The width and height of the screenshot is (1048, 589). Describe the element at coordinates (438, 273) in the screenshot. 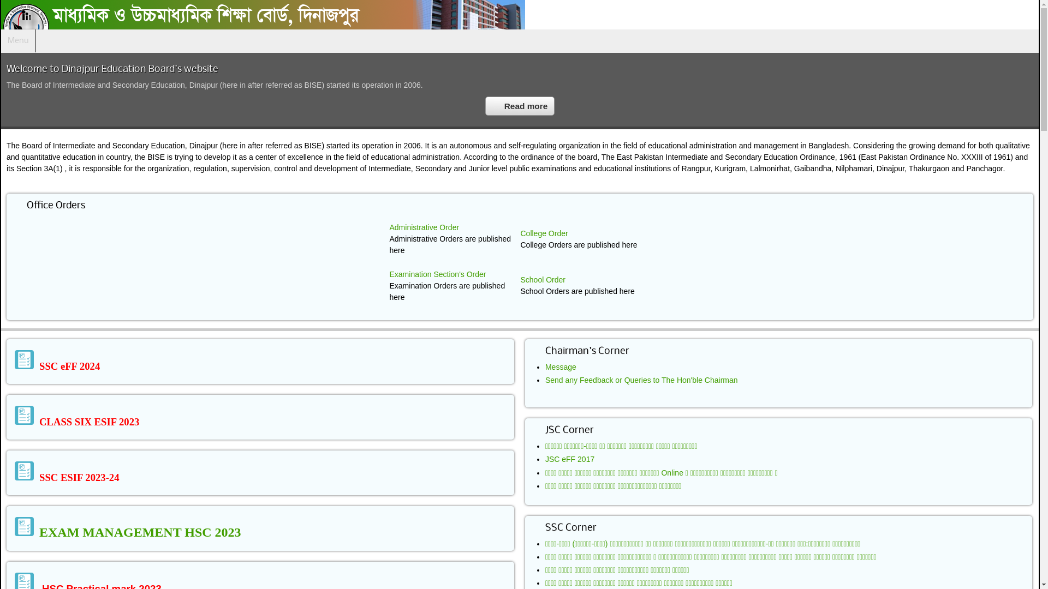

I see `'Examination Section's Order'` at that location.